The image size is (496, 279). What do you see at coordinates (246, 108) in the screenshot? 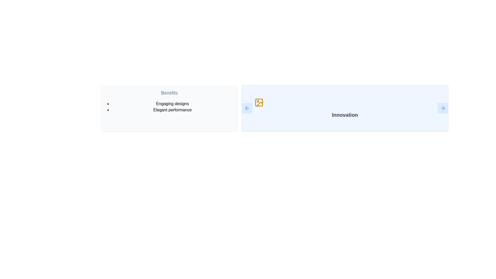
I see `the leftward-pointing arrow icon in the blue-themed UI` at bounding box center [246, 108].